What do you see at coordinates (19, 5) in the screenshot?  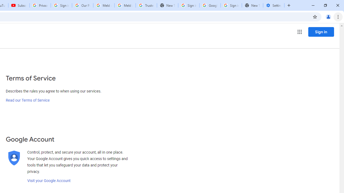 I see `'Subscriptions - YouTube'` at bounding box center [19, 5].